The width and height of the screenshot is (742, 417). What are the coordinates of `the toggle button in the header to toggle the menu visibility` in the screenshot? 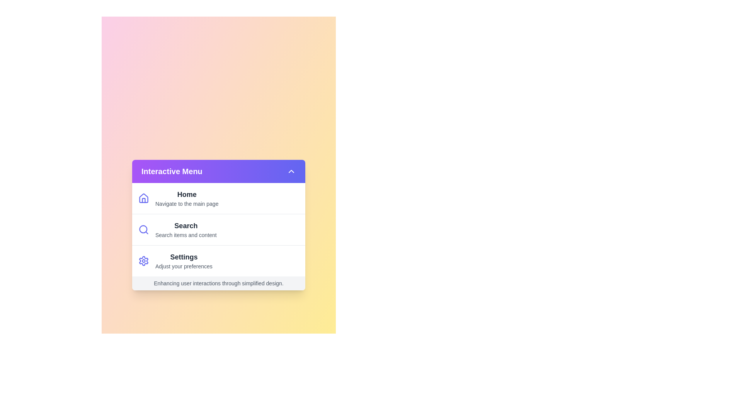 It's located at (291, 171).